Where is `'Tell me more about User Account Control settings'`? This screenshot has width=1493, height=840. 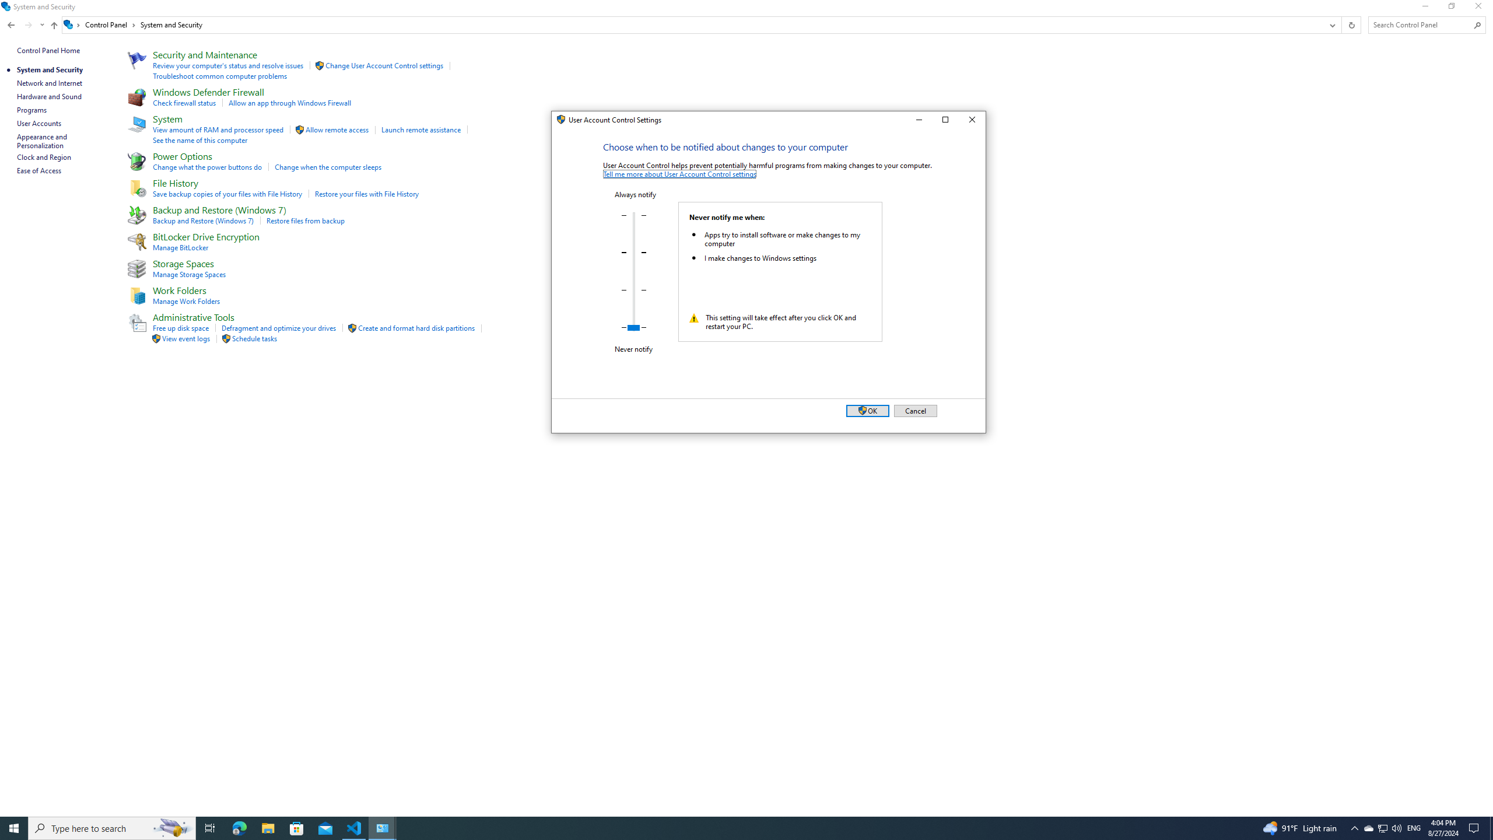
'Tell me more about User Account Control settings' is located at coordinates (679, 174).